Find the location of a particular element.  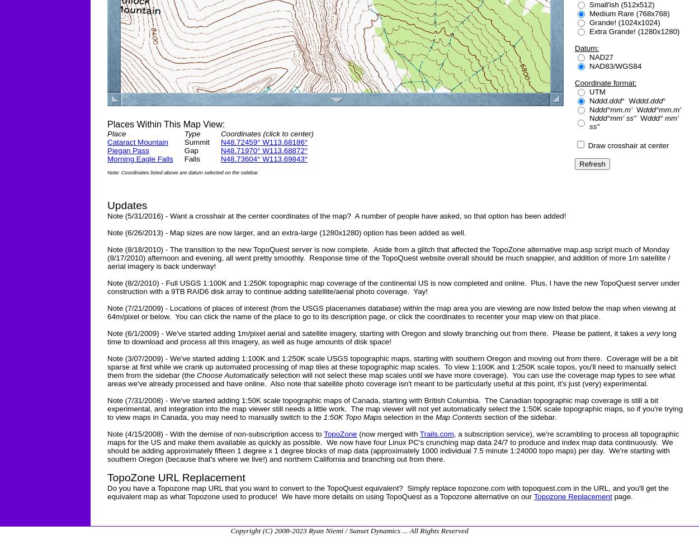

'Grande! (1024x1024)' is located at coordinates (624, 22).